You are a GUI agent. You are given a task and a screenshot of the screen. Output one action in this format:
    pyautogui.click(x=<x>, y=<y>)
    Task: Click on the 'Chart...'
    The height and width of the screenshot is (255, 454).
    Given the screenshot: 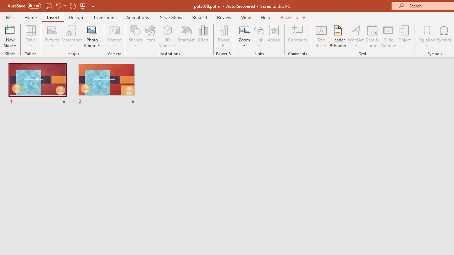 What is the action you would take?
    pyautogui.click(x=203, y=36)
    